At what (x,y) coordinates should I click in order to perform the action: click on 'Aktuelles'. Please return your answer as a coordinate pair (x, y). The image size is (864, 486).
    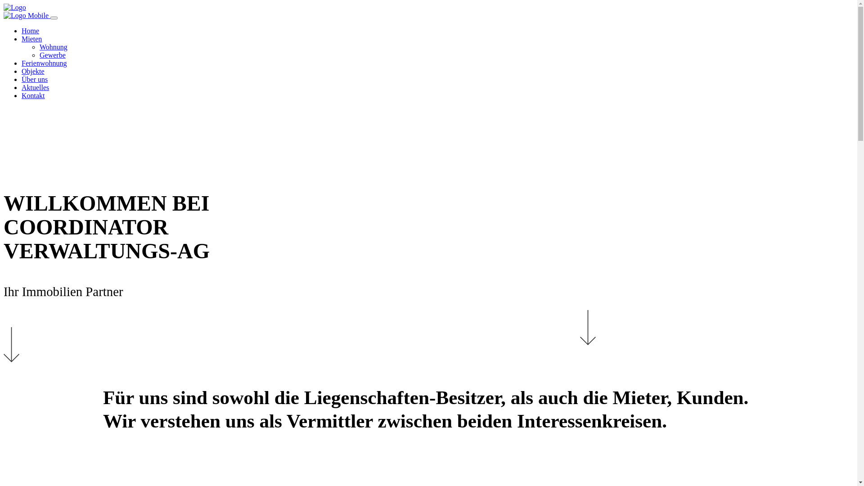
    Looking at the image, I should click on (35, 87).